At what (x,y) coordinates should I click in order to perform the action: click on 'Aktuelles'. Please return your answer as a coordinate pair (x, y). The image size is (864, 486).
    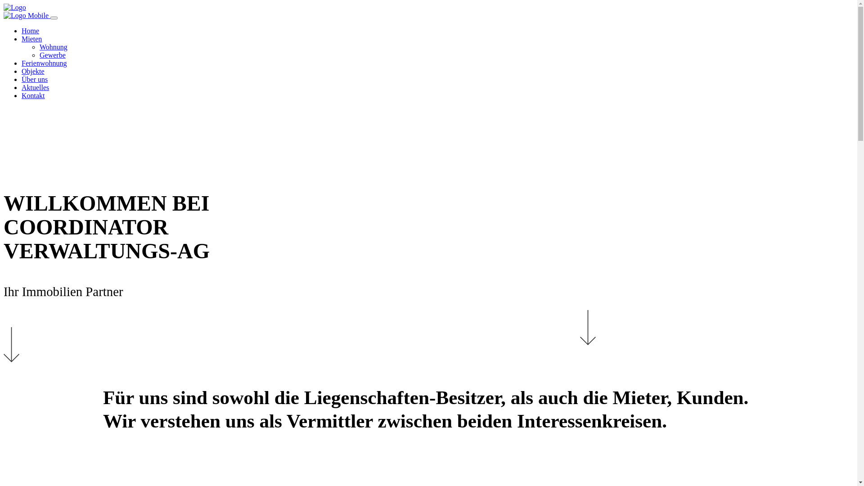
    Looking at the image, I should click on (35, 87).